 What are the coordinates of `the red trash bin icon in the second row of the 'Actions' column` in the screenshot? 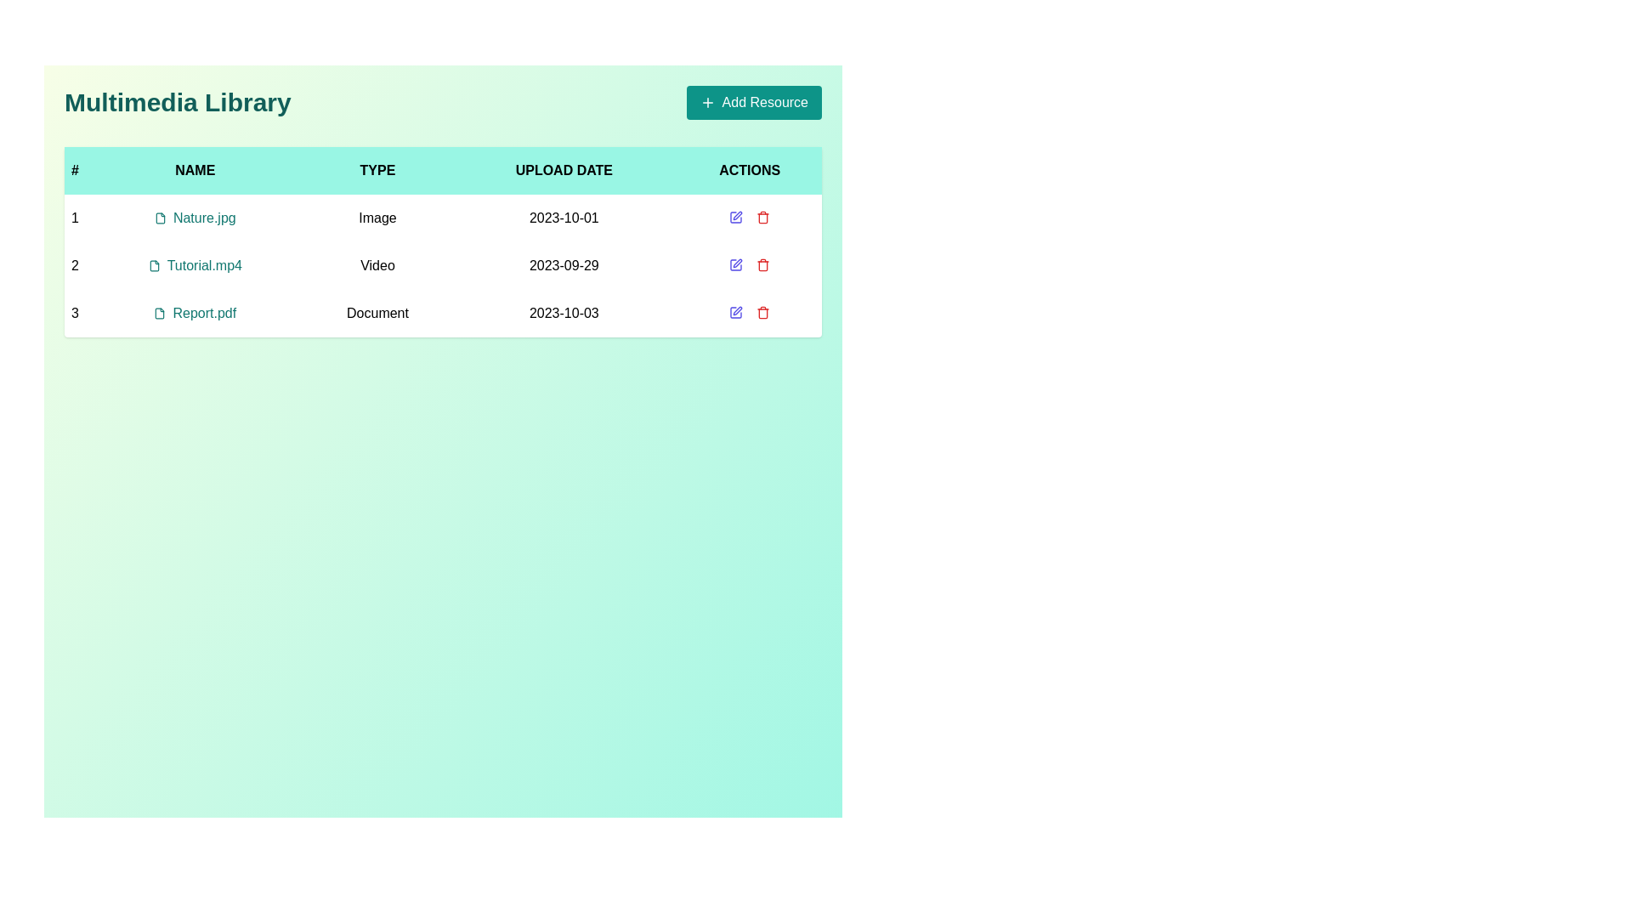 It's located at (762, 265).